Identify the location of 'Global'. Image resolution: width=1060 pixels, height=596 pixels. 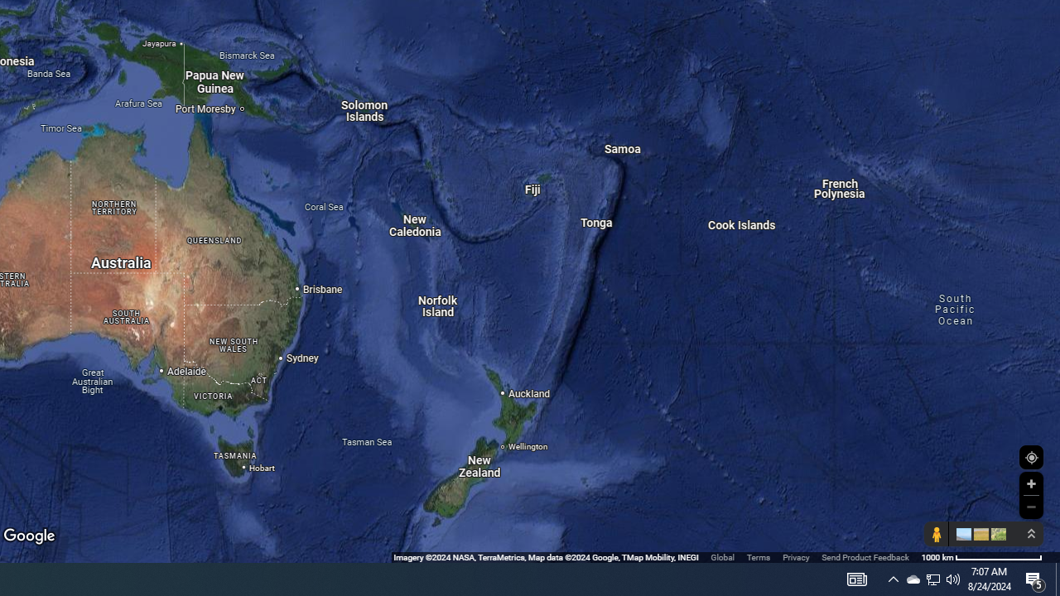
(722, 557).